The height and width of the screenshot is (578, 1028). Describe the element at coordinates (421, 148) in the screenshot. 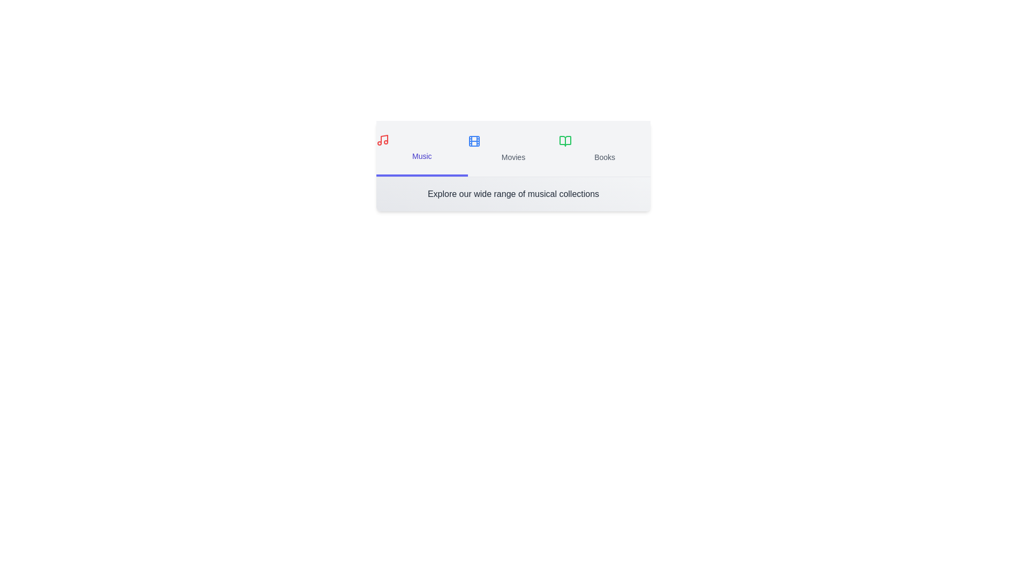

I see `the tab labeled 'Music' to highlight it` at that location.